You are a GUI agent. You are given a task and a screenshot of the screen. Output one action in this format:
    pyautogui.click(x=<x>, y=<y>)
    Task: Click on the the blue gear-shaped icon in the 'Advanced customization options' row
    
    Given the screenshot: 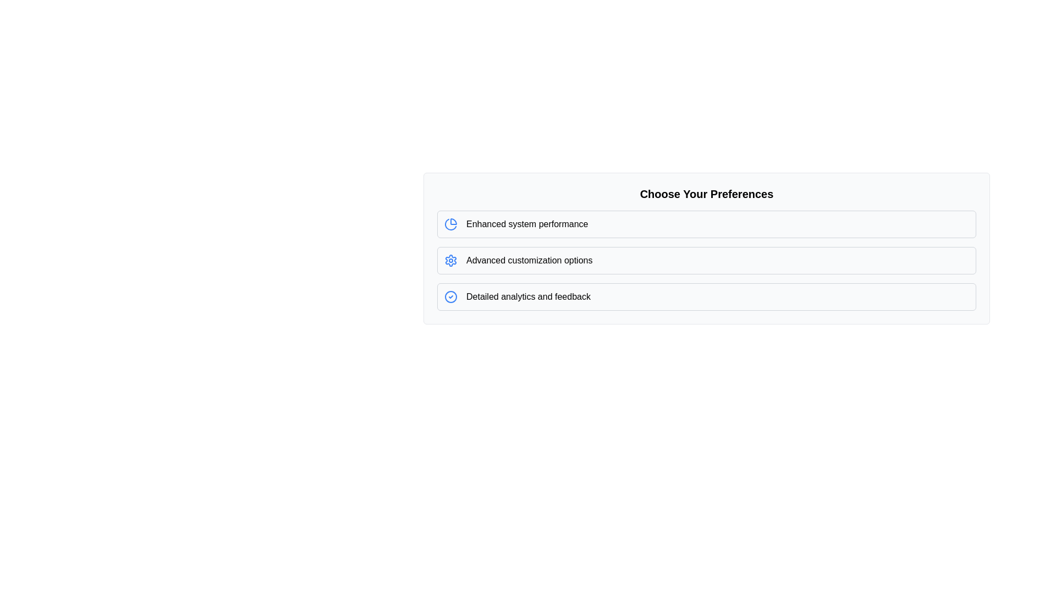 What is the action you would take?
    pyautogui.click(x=451, y=261)
    